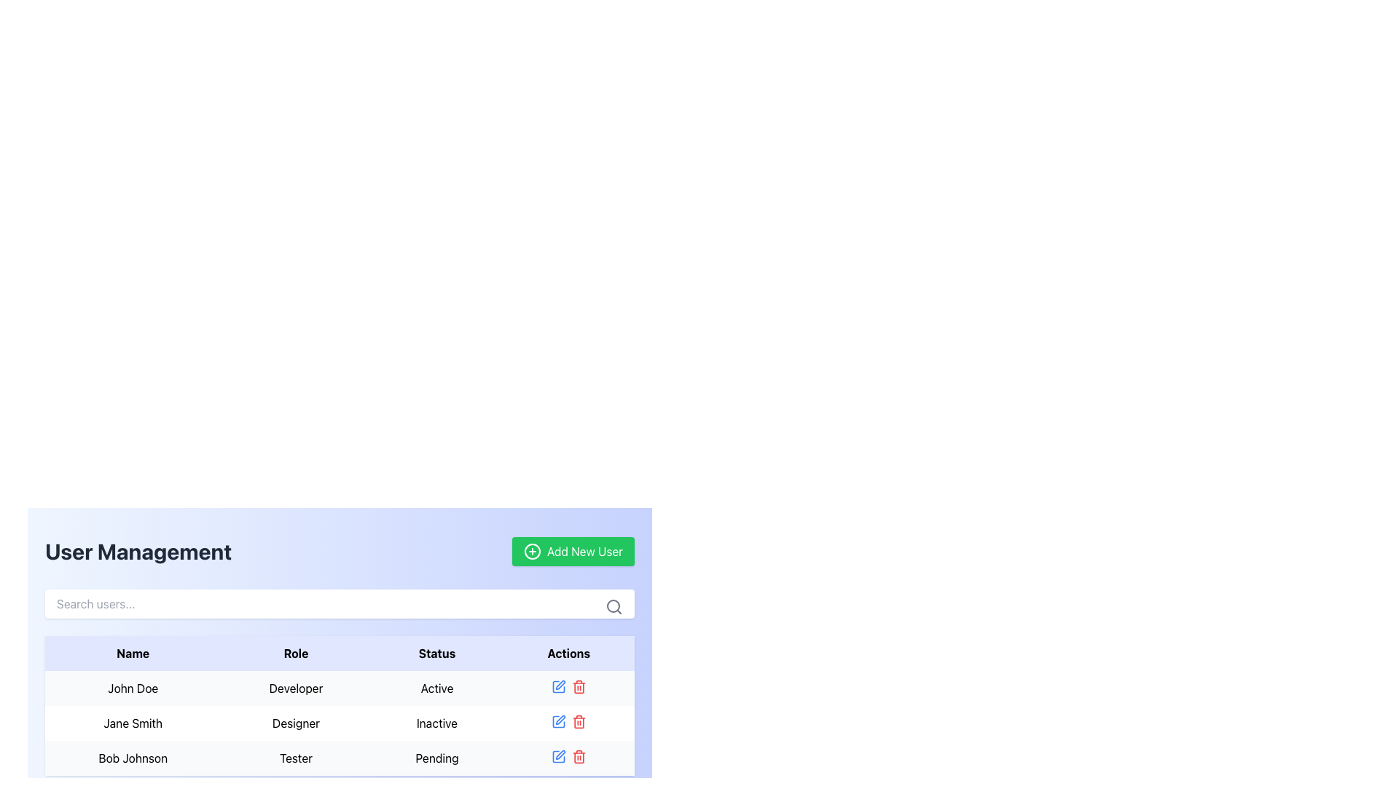 Image resolution: width=1399 pixels, height=786 pixels. What do you see at coordinates (531, 552) in the screenshot?
I see `the circular icon on the 'Add New User' green button located at the top right corner of the interface, which signifies the functionality of adding a new user` at bounding box center [531, 552].